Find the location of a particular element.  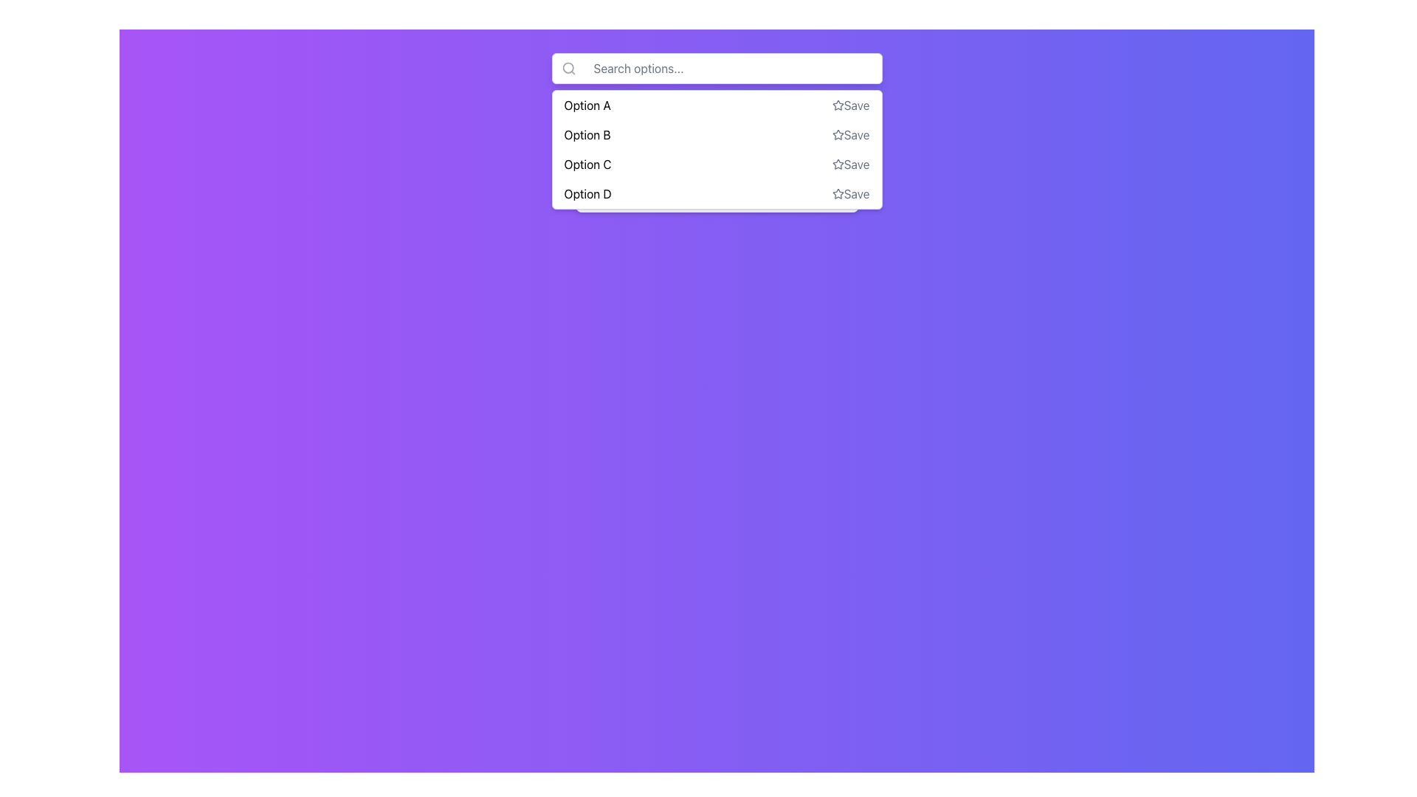

the Star Symbol icon located to the right of the text 'Option C' in the 'Save' button area is located at coordinates (838, 164).